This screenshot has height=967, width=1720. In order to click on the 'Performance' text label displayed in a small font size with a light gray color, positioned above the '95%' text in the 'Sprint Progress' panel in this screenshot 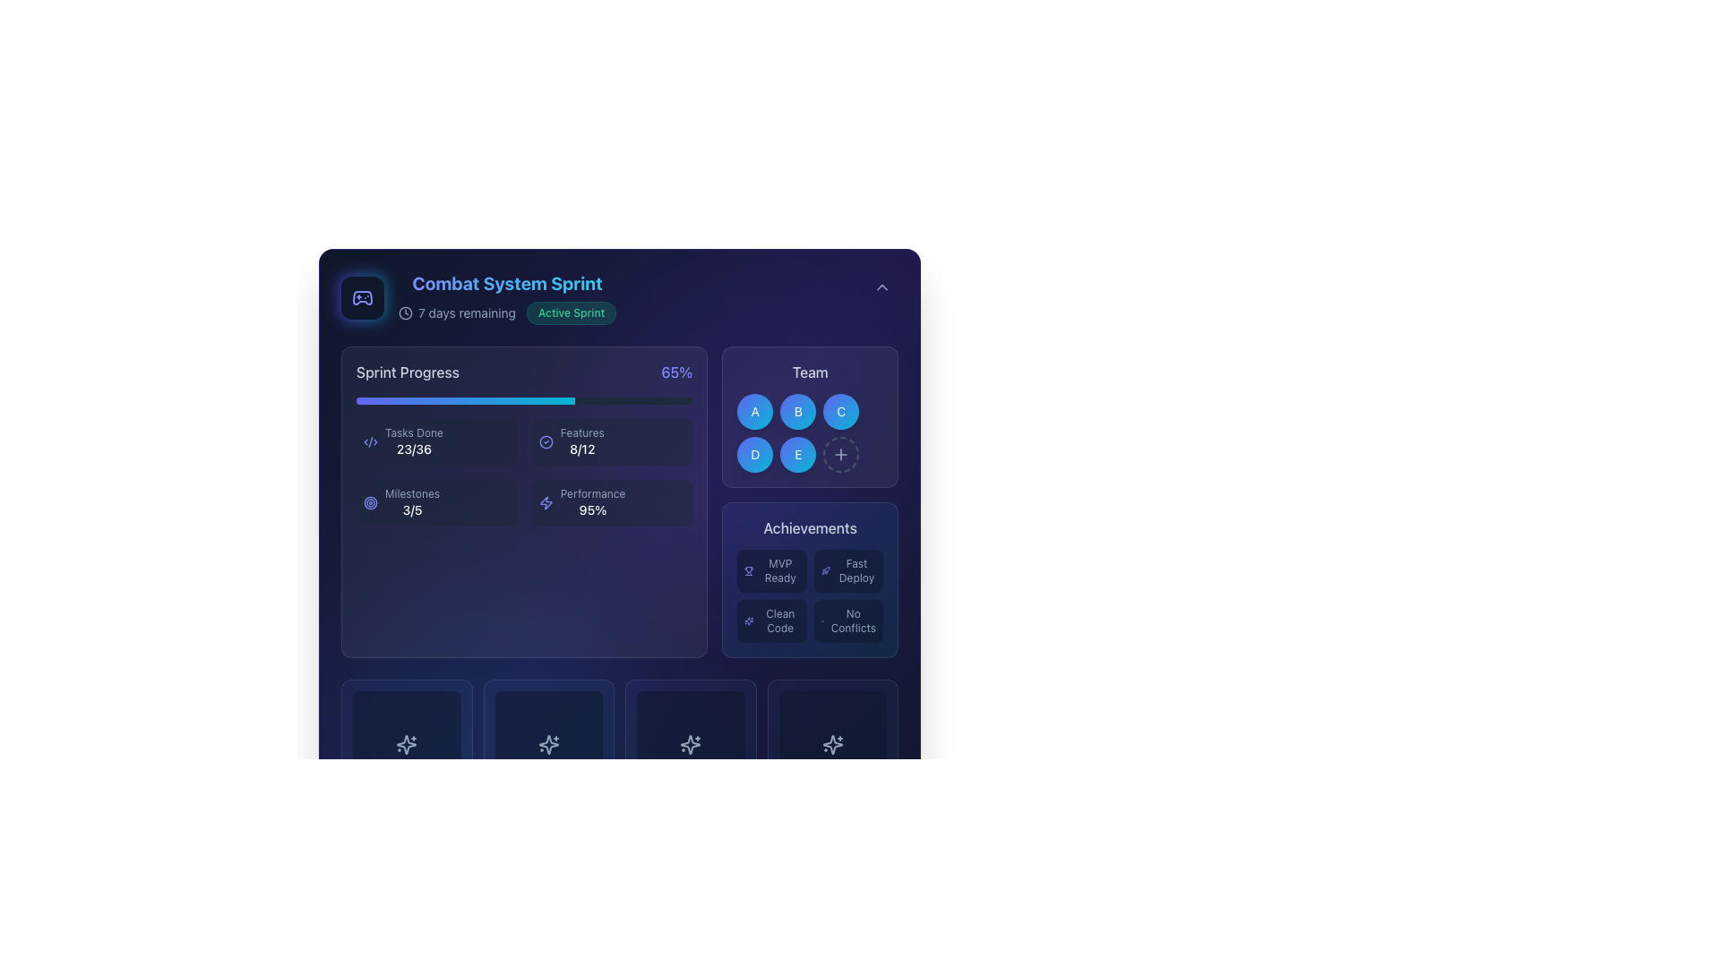, I will do `click(593, 493)`.